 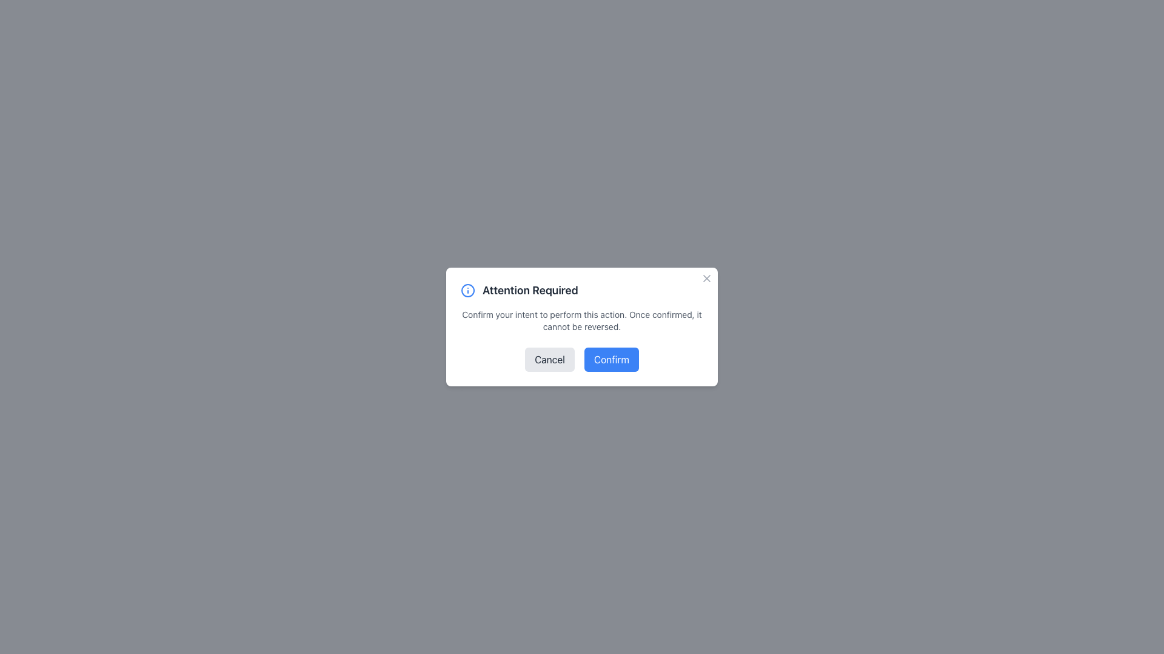 I want to click on the close button located at the top-right corner of the confirmation dialog box to change its color, so click(x=707, y=278).